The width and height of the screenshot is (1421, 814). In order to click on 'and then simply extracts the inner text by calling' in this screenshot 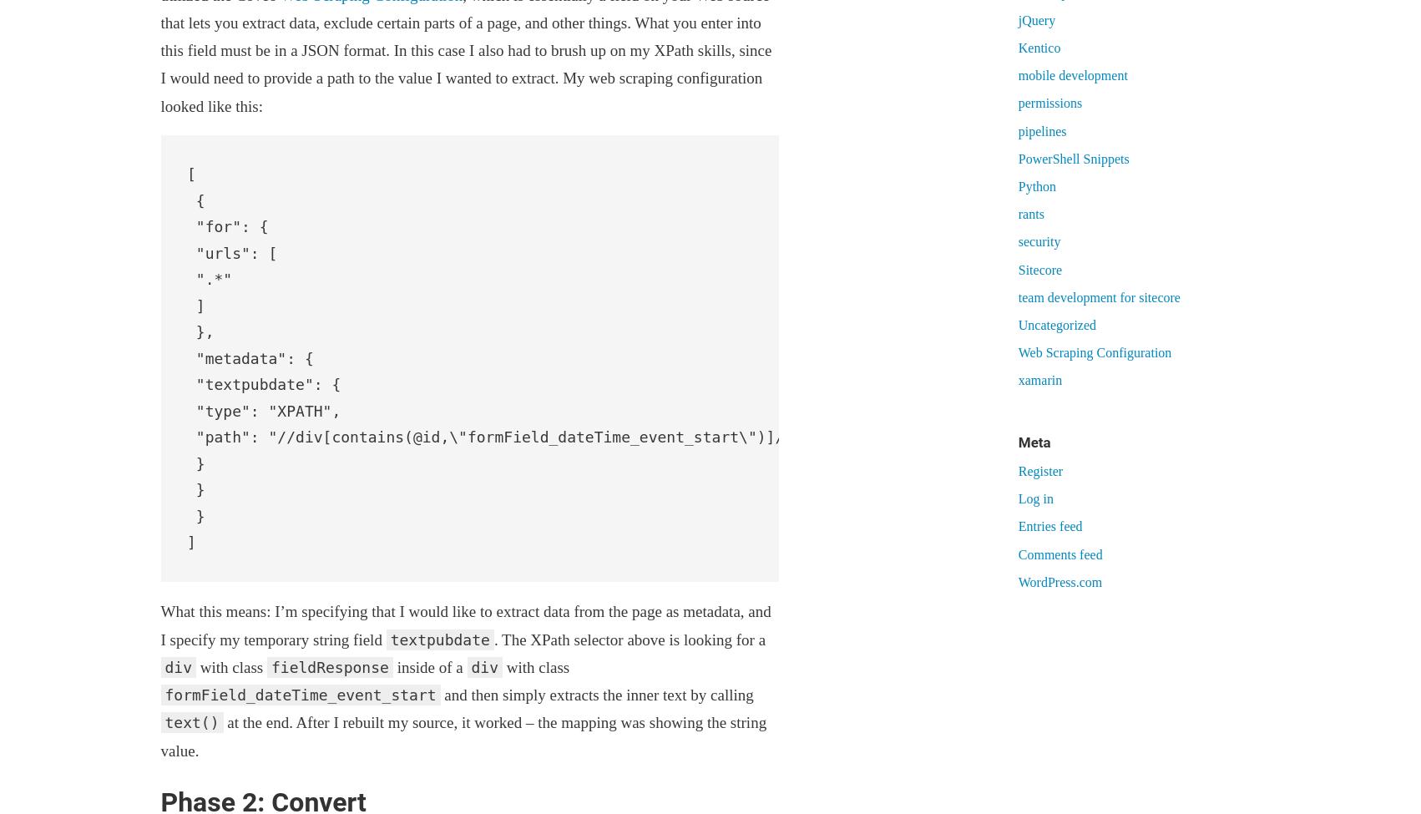, I will do `click(438, 695)`.